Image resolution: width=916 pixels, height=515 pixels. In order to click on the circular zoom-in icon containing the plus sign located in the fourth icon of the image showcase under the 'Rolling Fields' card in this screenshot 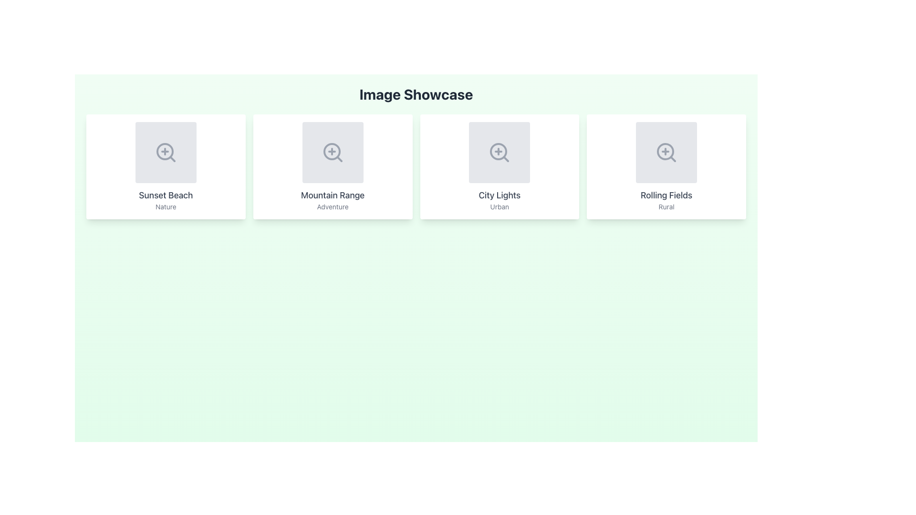, I will do `click(665, 151)`.